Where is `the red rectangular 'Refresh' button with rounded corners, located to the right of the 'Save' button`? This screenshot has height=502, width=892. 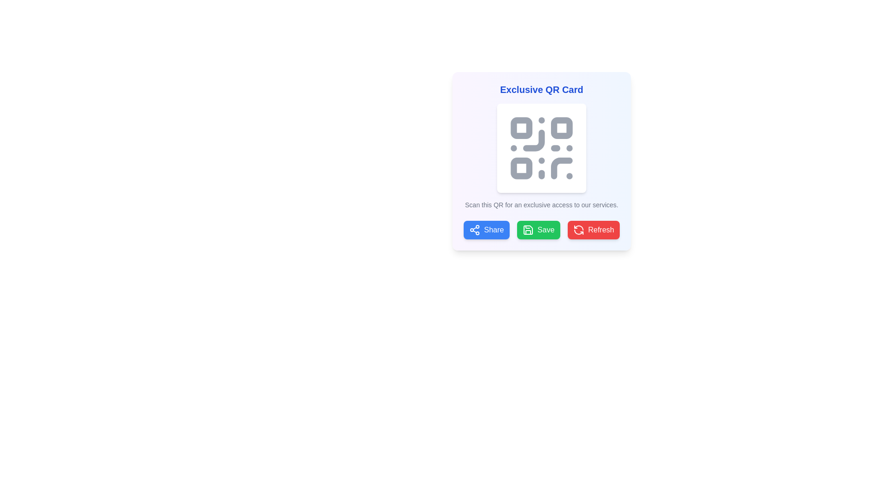 the red rectangular 'Refresh' button with rounded corners, located to the right of the 'Save' button is located at coordinates (593, 230).